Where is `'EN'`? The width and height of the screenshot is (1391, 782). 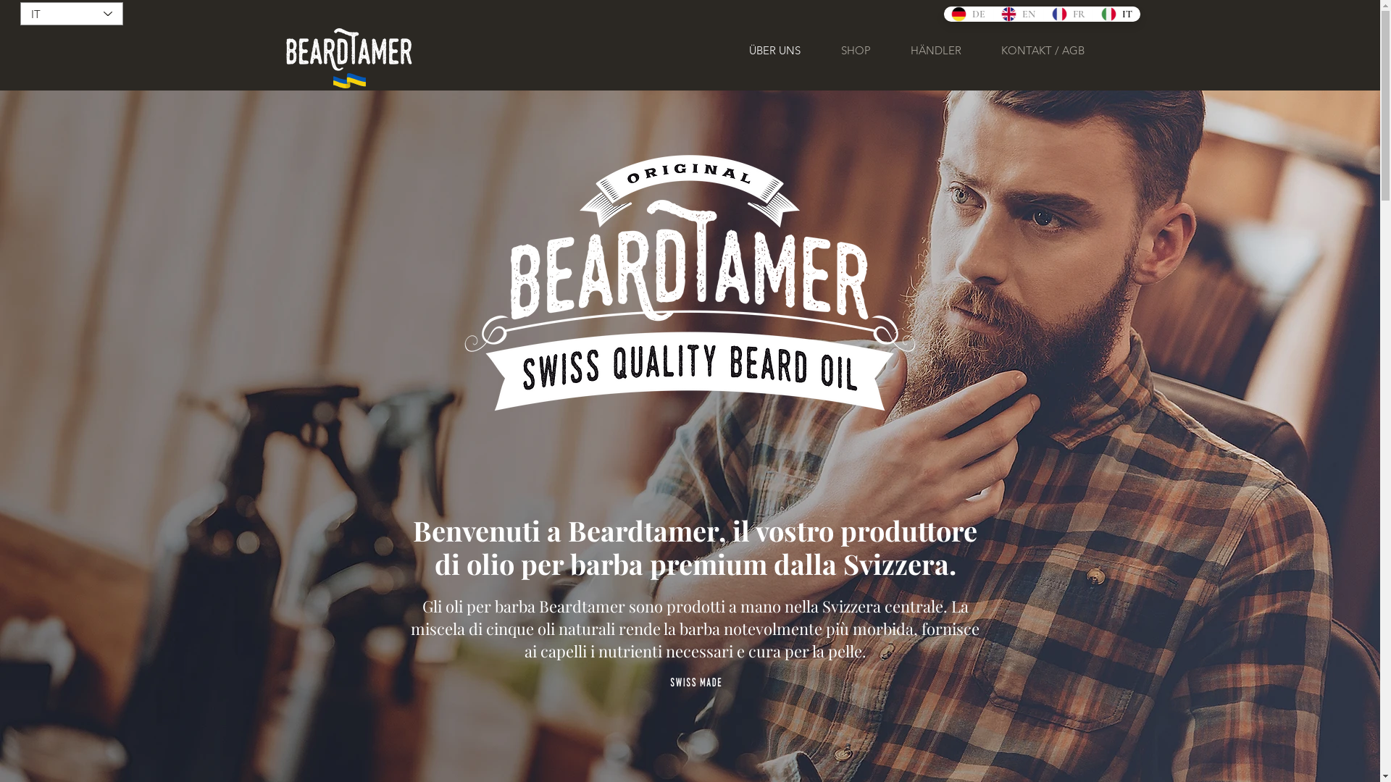 'EN' is located at coordinates (1017, 14).